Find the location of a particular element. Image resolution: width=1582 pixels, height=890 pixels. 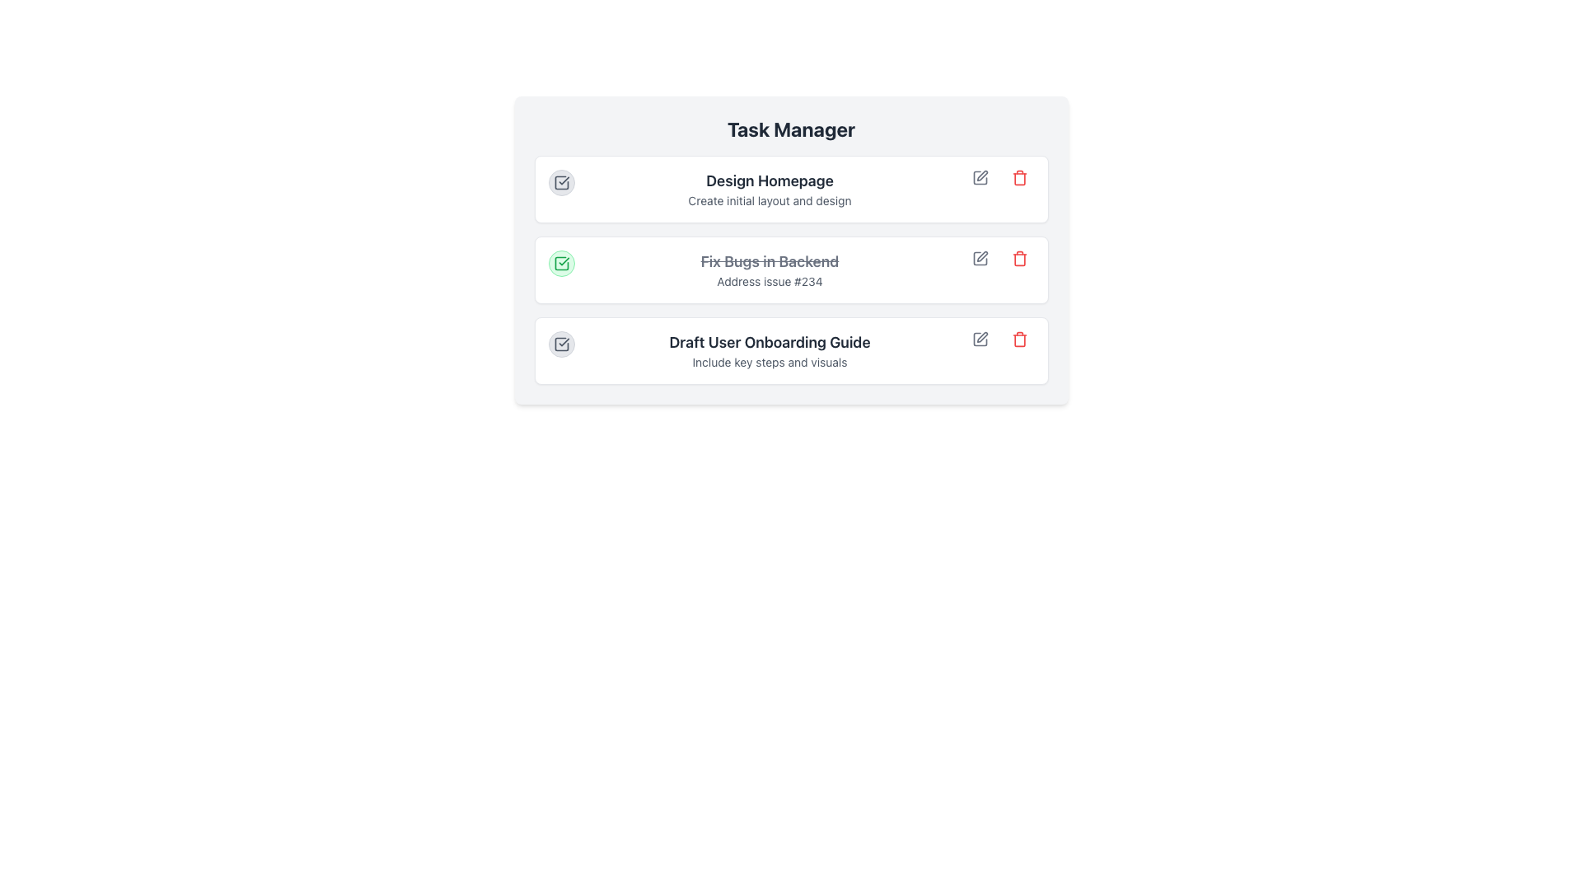

the text block titled 'Draft User Onboarding Guide', which is the third task in the task list and features a prominent font and rounded corners is located at coordinates (769, 349).